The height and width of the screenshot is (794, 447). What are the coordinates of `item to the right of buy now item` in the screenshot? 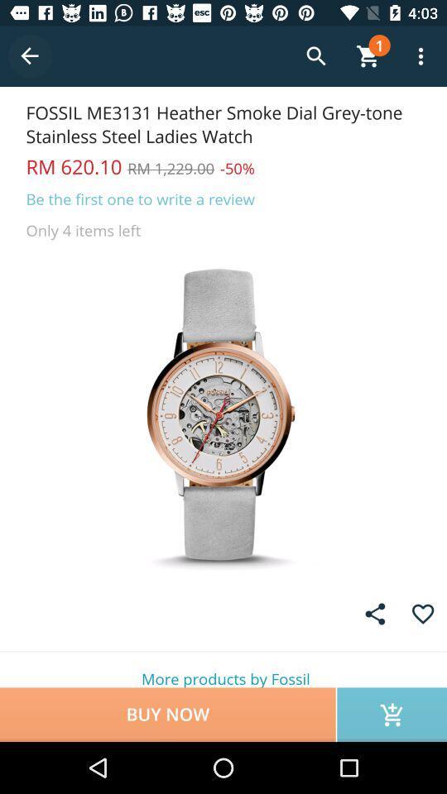 It's located at (391, 714).